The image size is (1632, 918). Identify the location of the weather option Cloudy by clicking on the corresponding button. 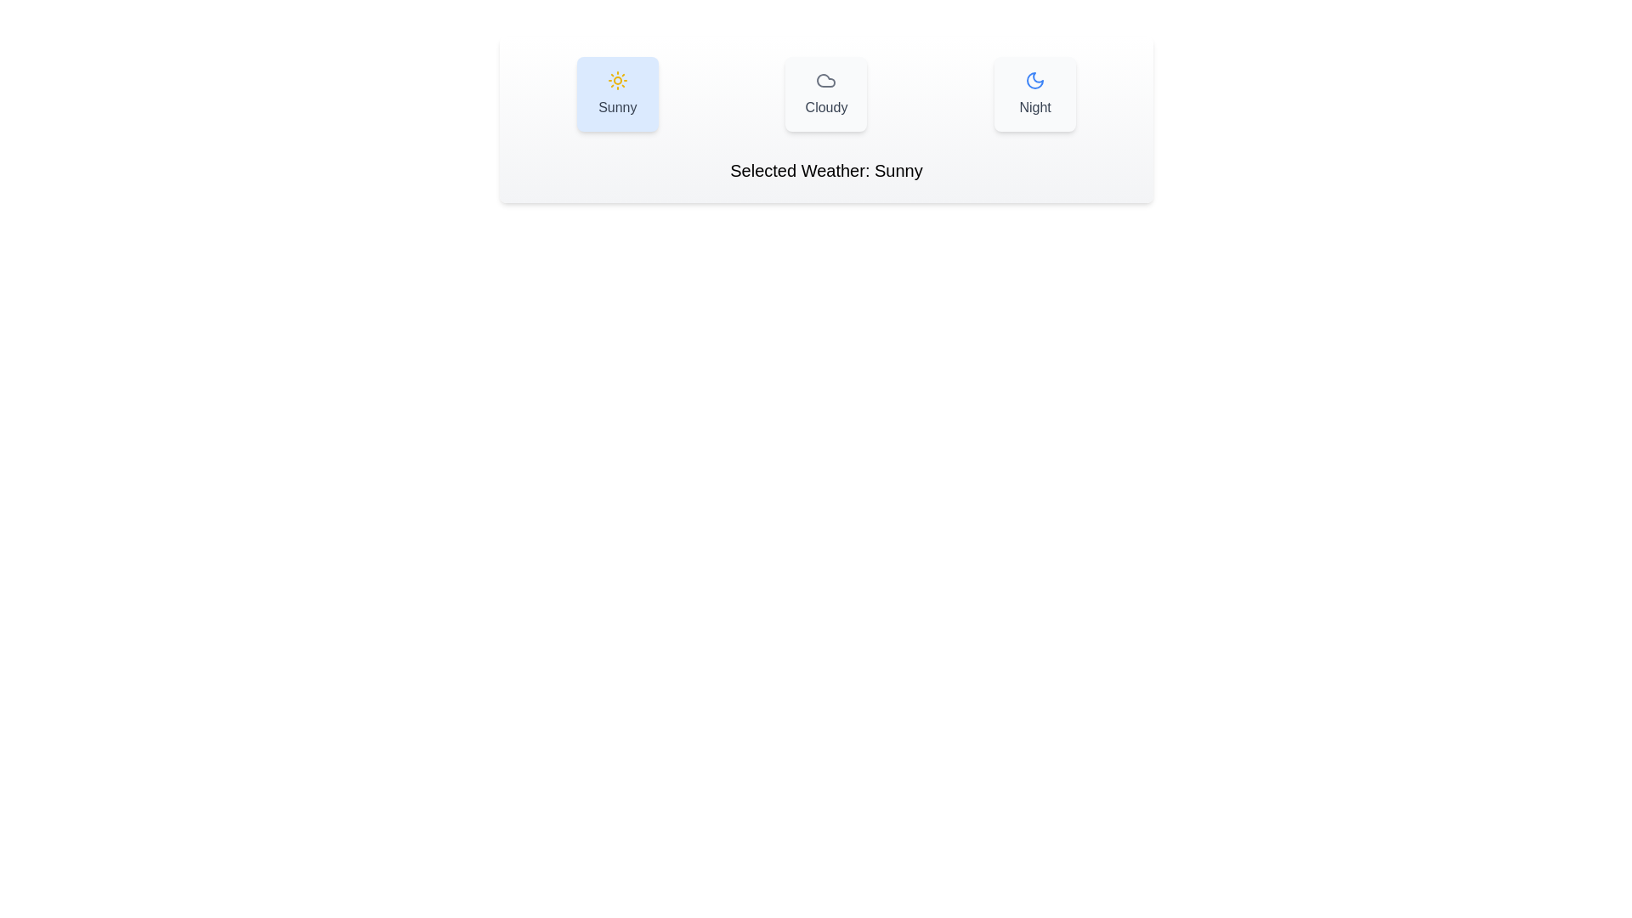
(826, 94).